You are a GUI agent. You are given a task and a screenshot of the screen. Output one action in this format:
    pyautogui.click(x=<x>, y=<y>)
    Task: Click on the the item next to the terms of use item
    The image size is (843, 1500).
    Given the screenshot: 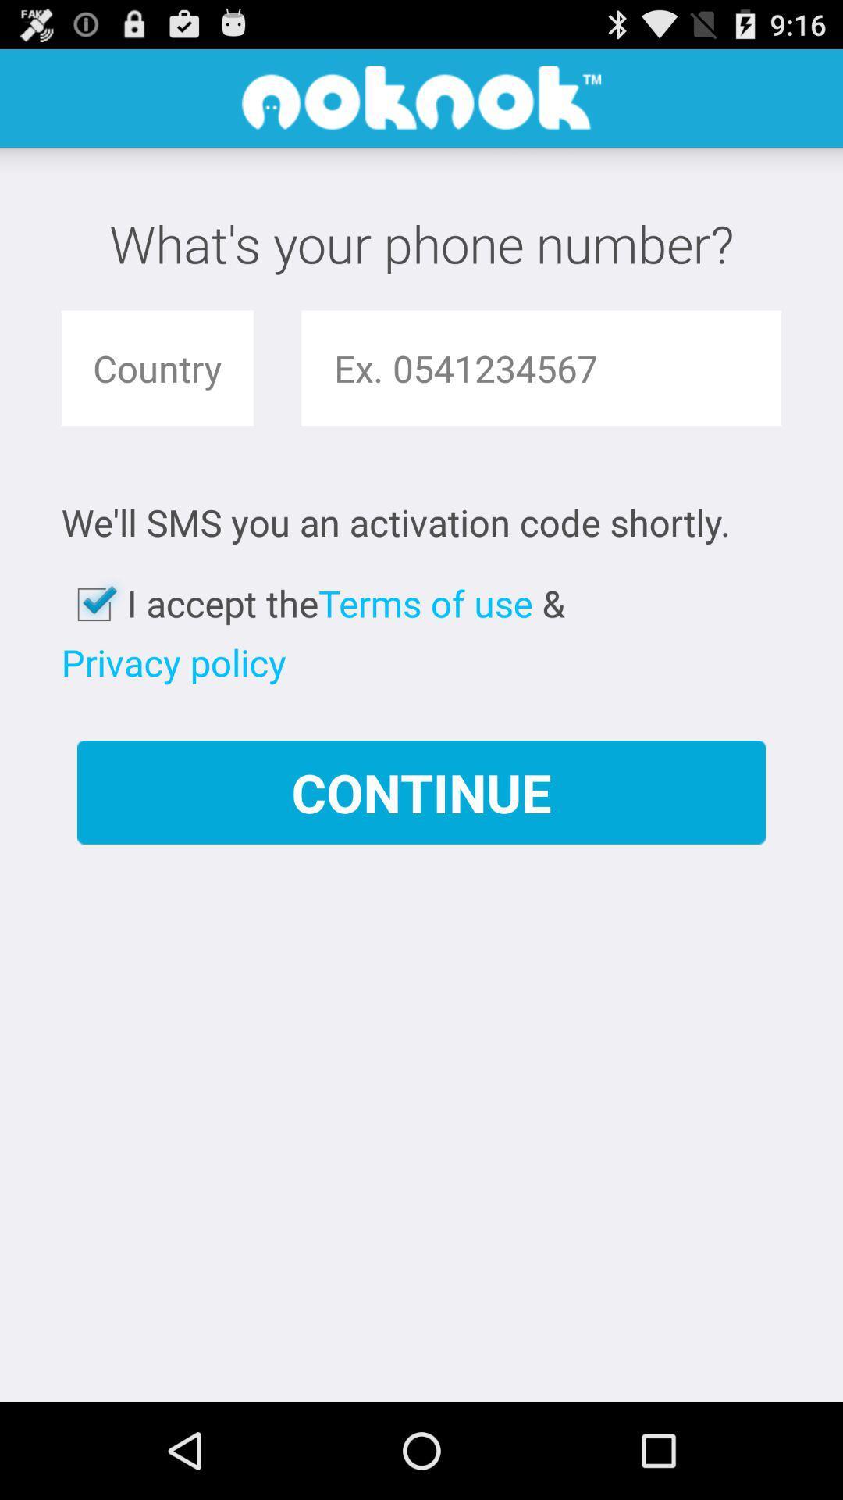 What is the action you would take?
    pyautogui.click(x=173, y=662)
    